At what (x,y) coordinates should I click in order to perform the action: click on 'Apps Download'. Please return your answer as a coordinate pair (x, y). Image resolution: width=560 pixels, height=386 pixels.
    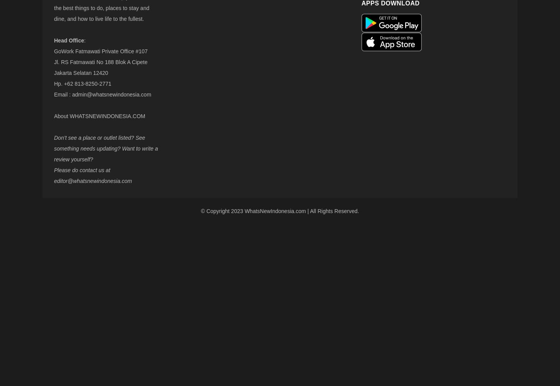
    Looking at the image, I should click on (361, 3).